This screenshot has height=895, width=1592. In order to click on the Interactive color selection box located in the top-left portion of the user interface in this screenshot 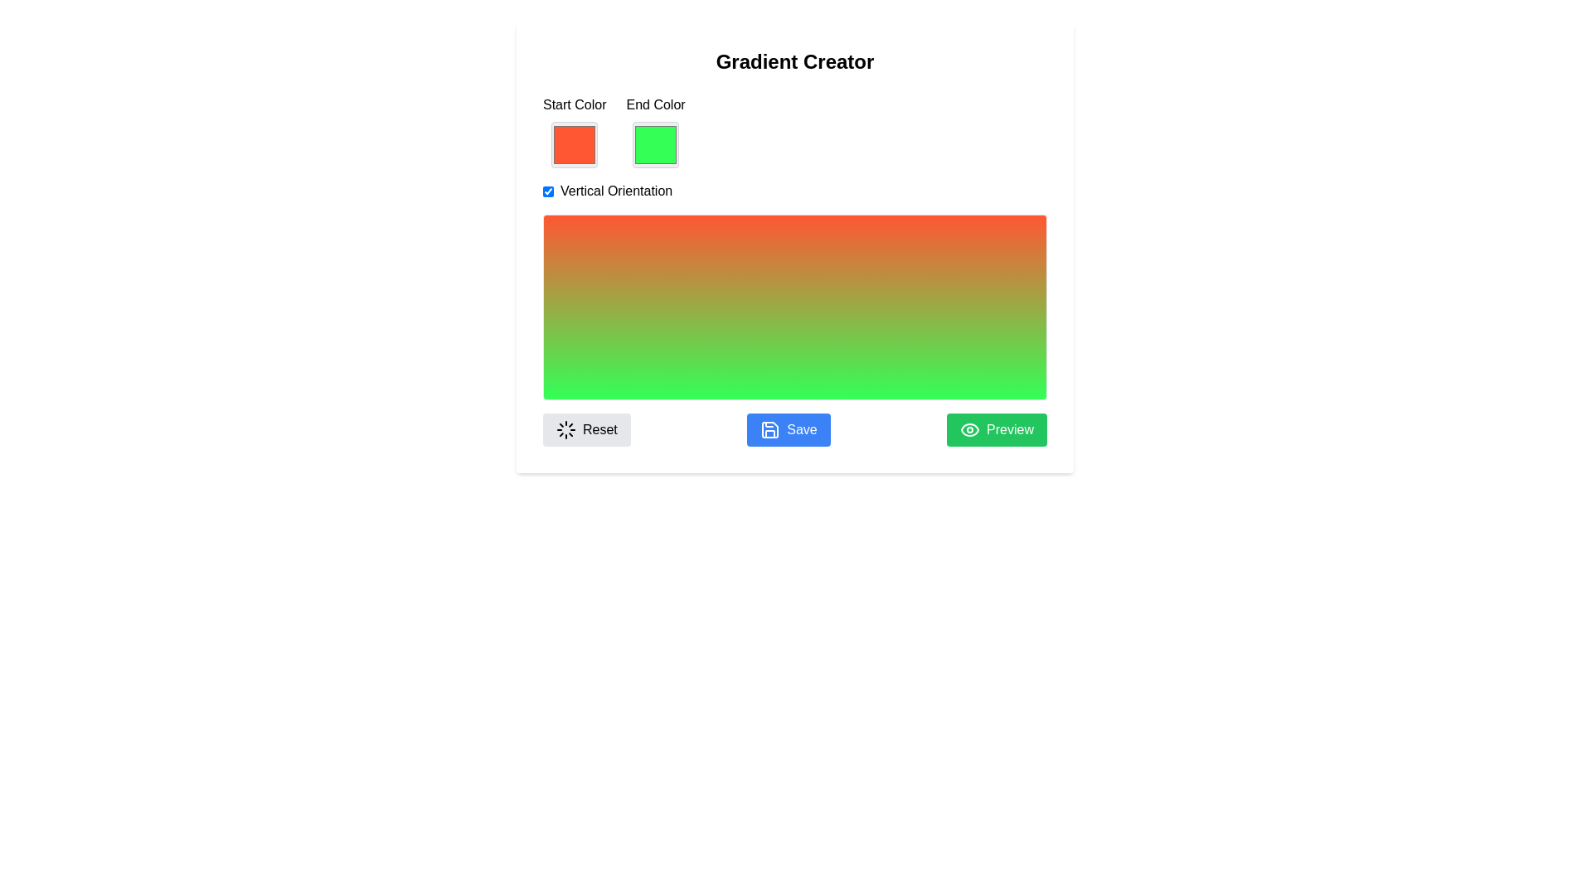, I will do `click(575, 130)`.